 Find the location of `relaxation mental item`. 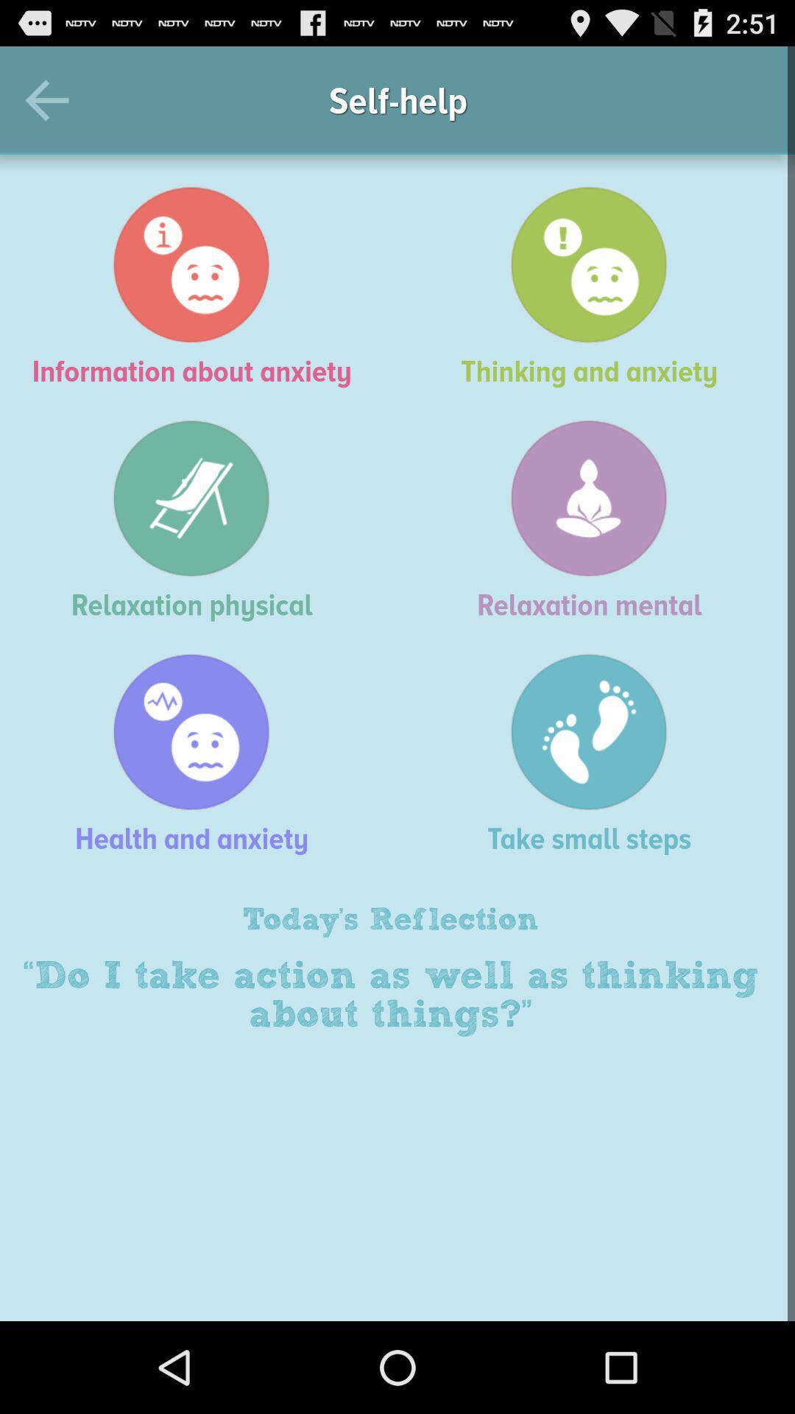

relaxation mental item is located at coordinates (596, 520).